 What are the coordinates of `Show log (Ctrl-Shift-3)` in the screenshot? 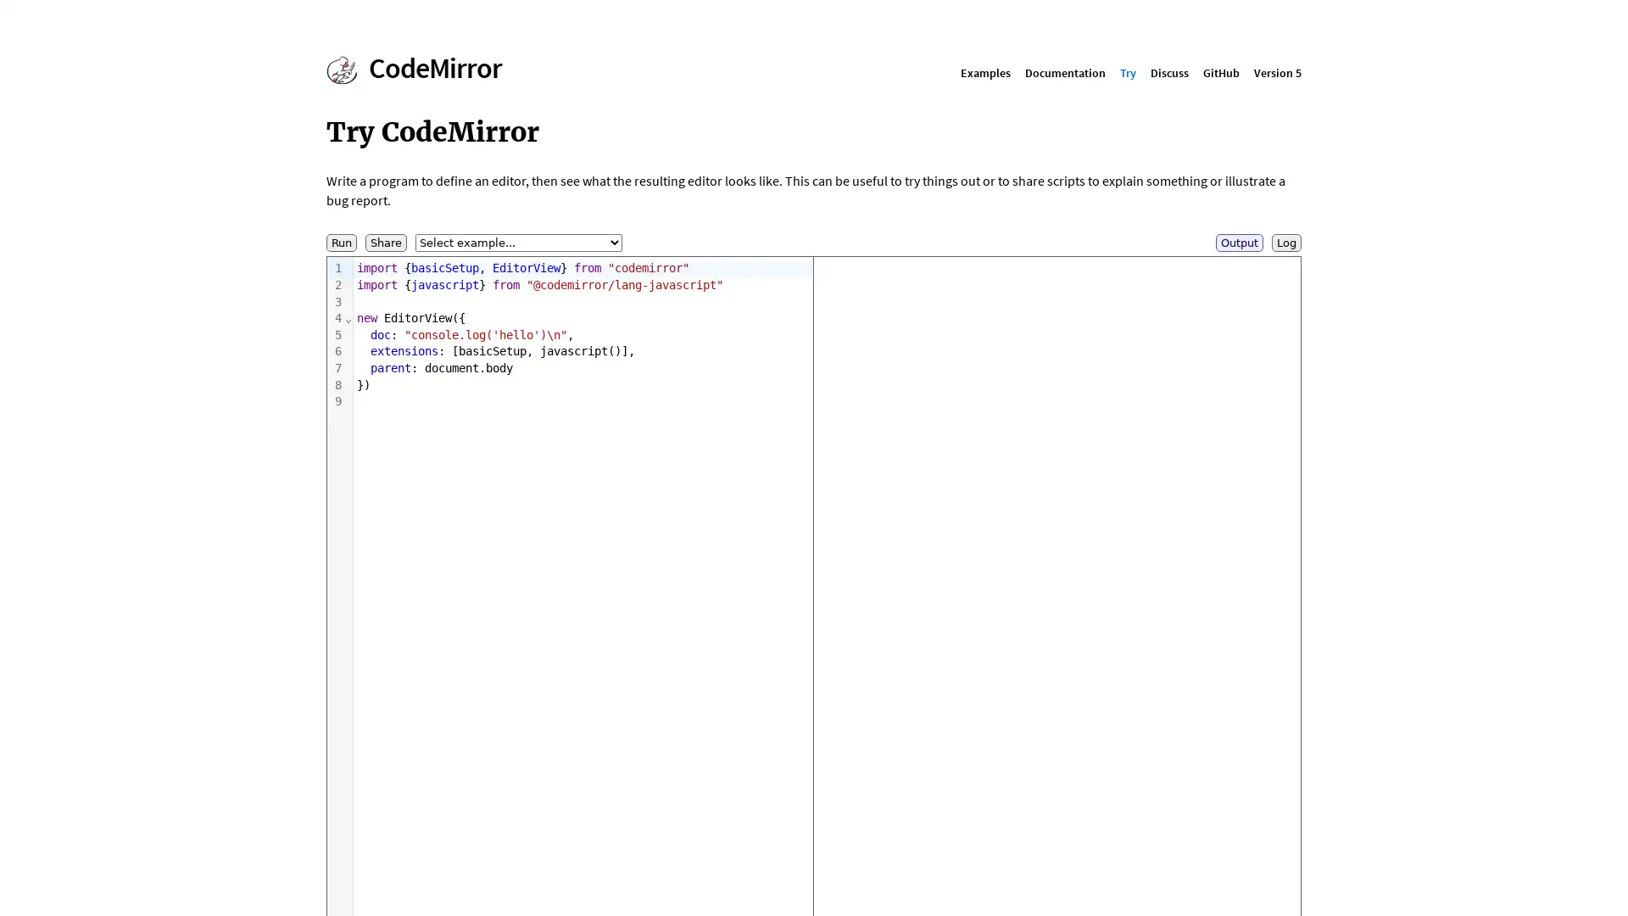 It's located at (1286, 243).